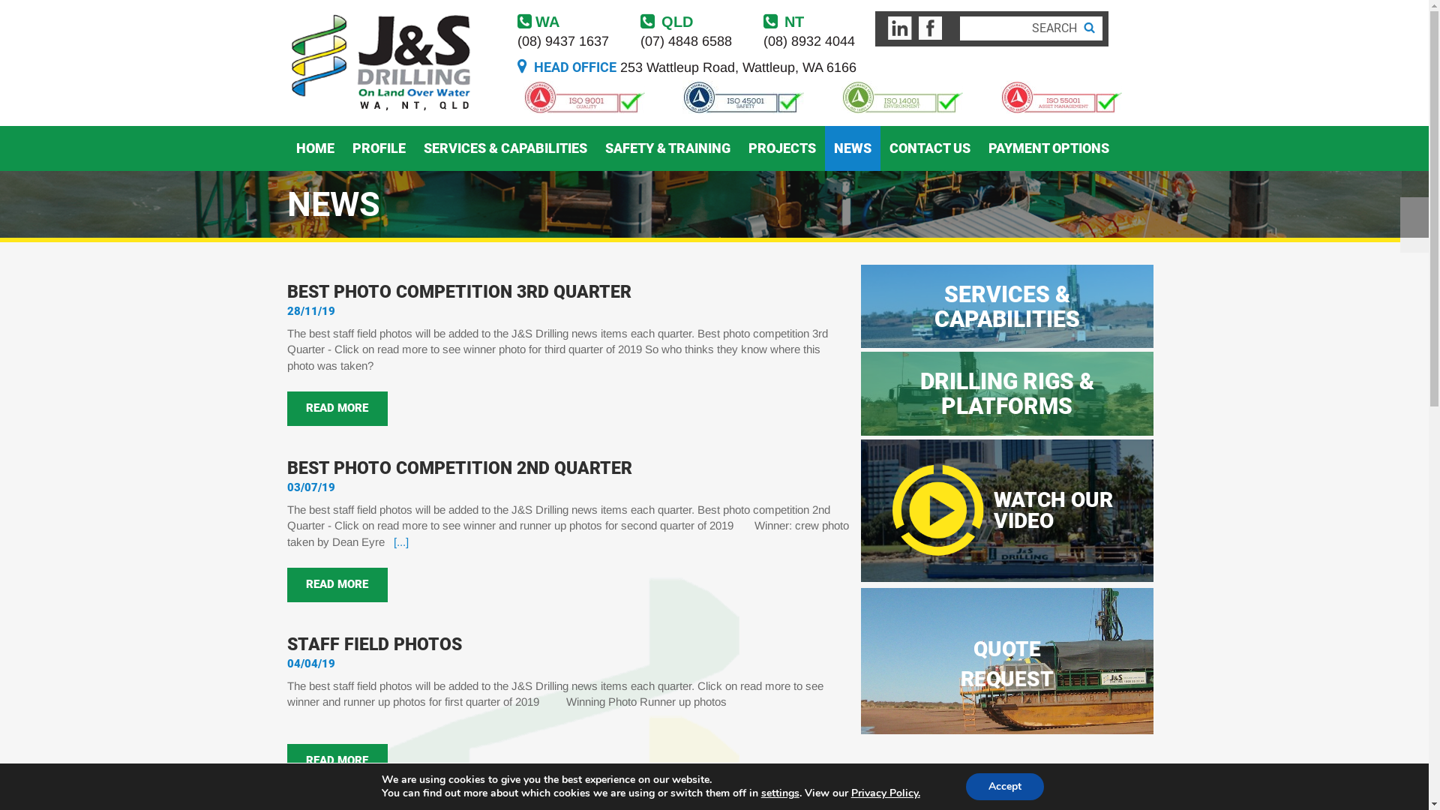 The height and width of the screenshot is (810, 1440). What do you see at coordinates (385, 61) in the screenshot?
I see `'js drilling'` at bounding box center [385, 61].